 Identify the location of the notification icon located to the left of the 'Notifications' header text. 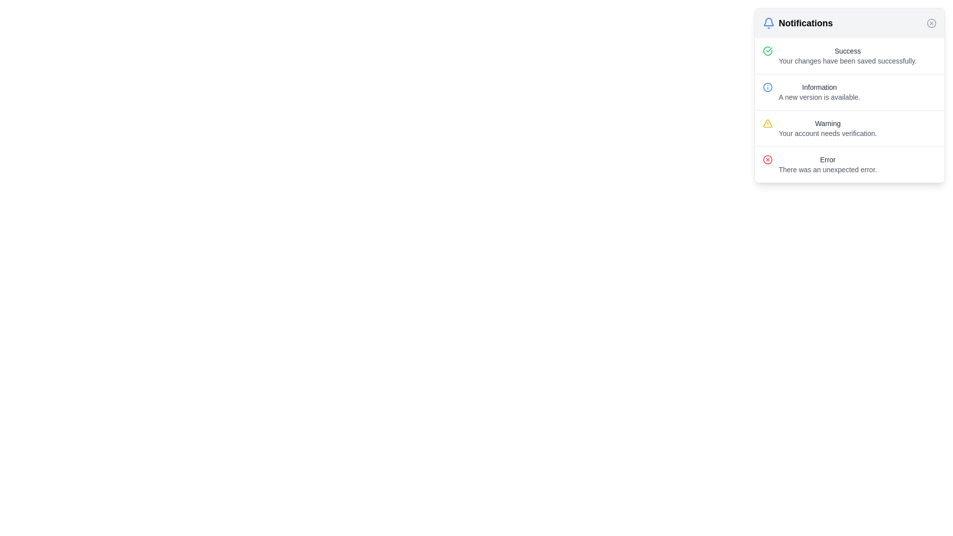
(768, 22).